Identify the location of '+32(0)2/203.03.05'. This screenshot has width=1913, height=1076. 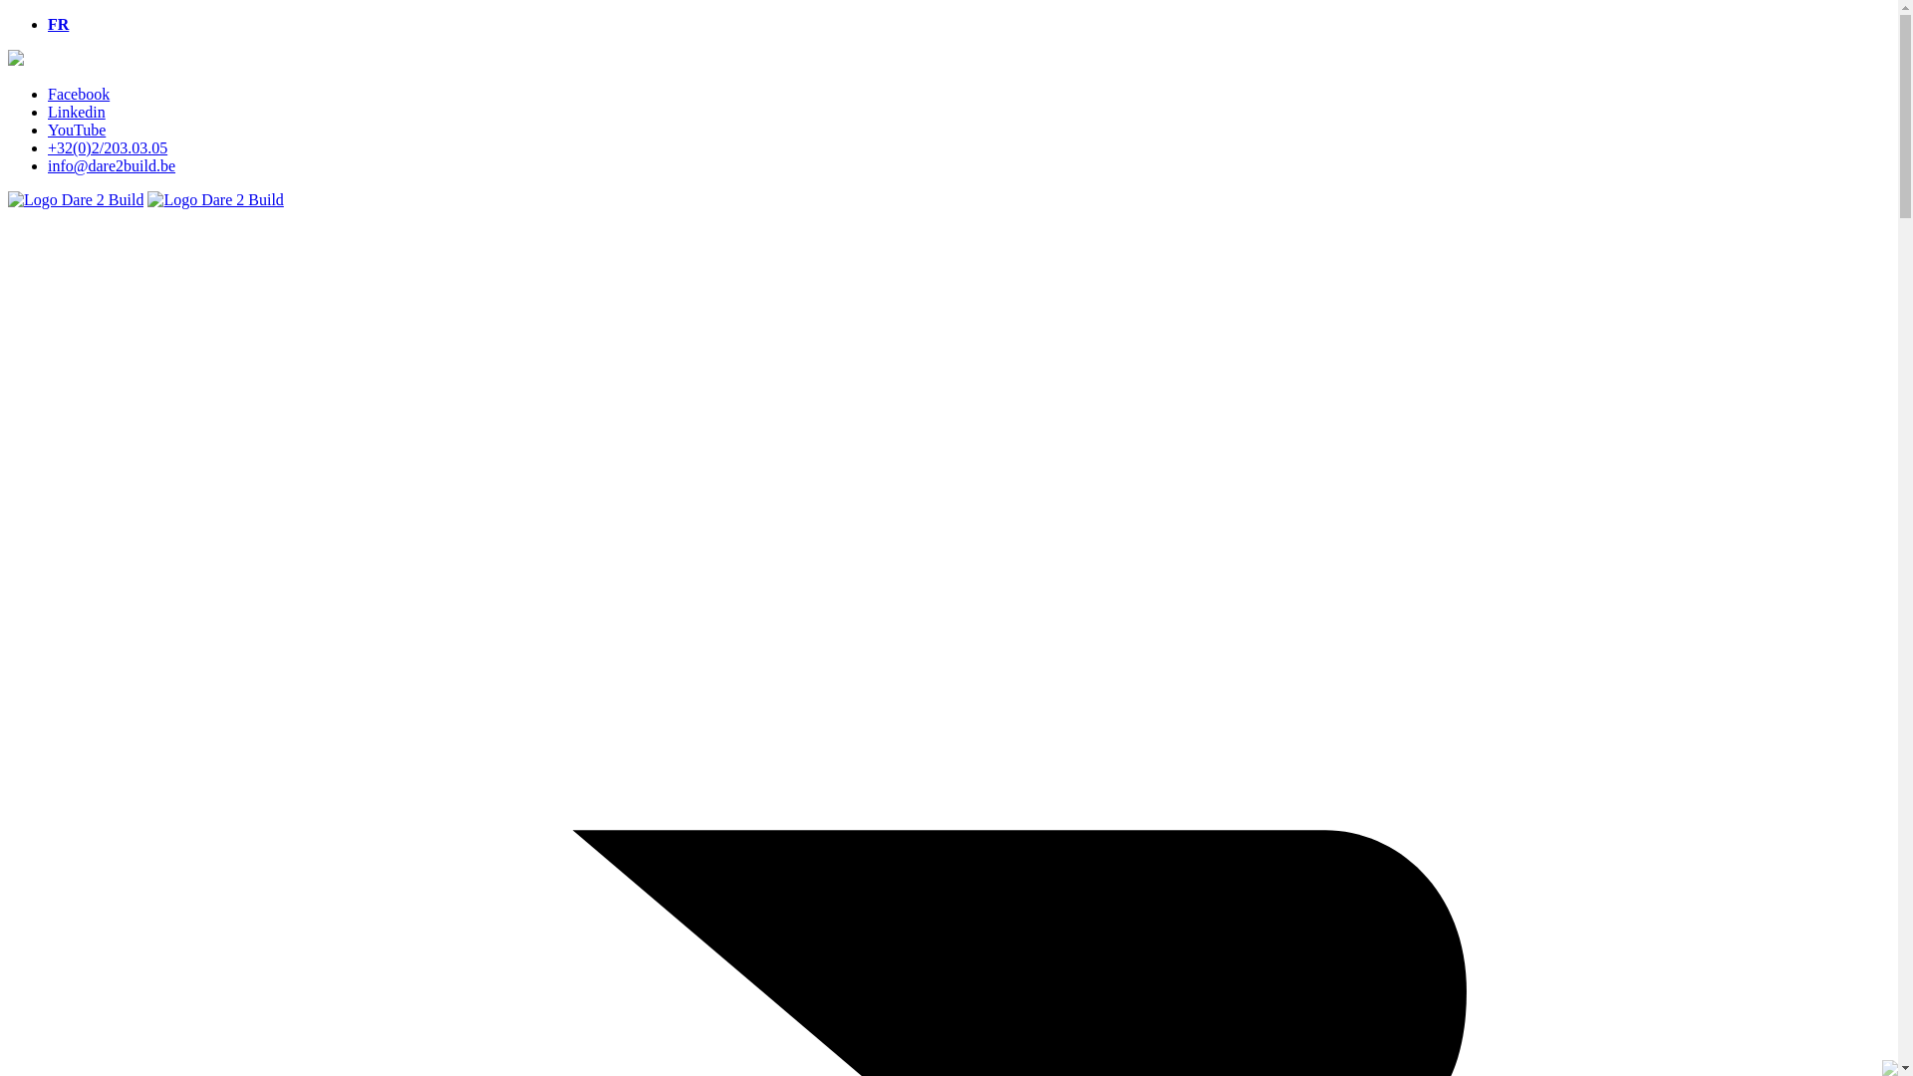
(106, 146).